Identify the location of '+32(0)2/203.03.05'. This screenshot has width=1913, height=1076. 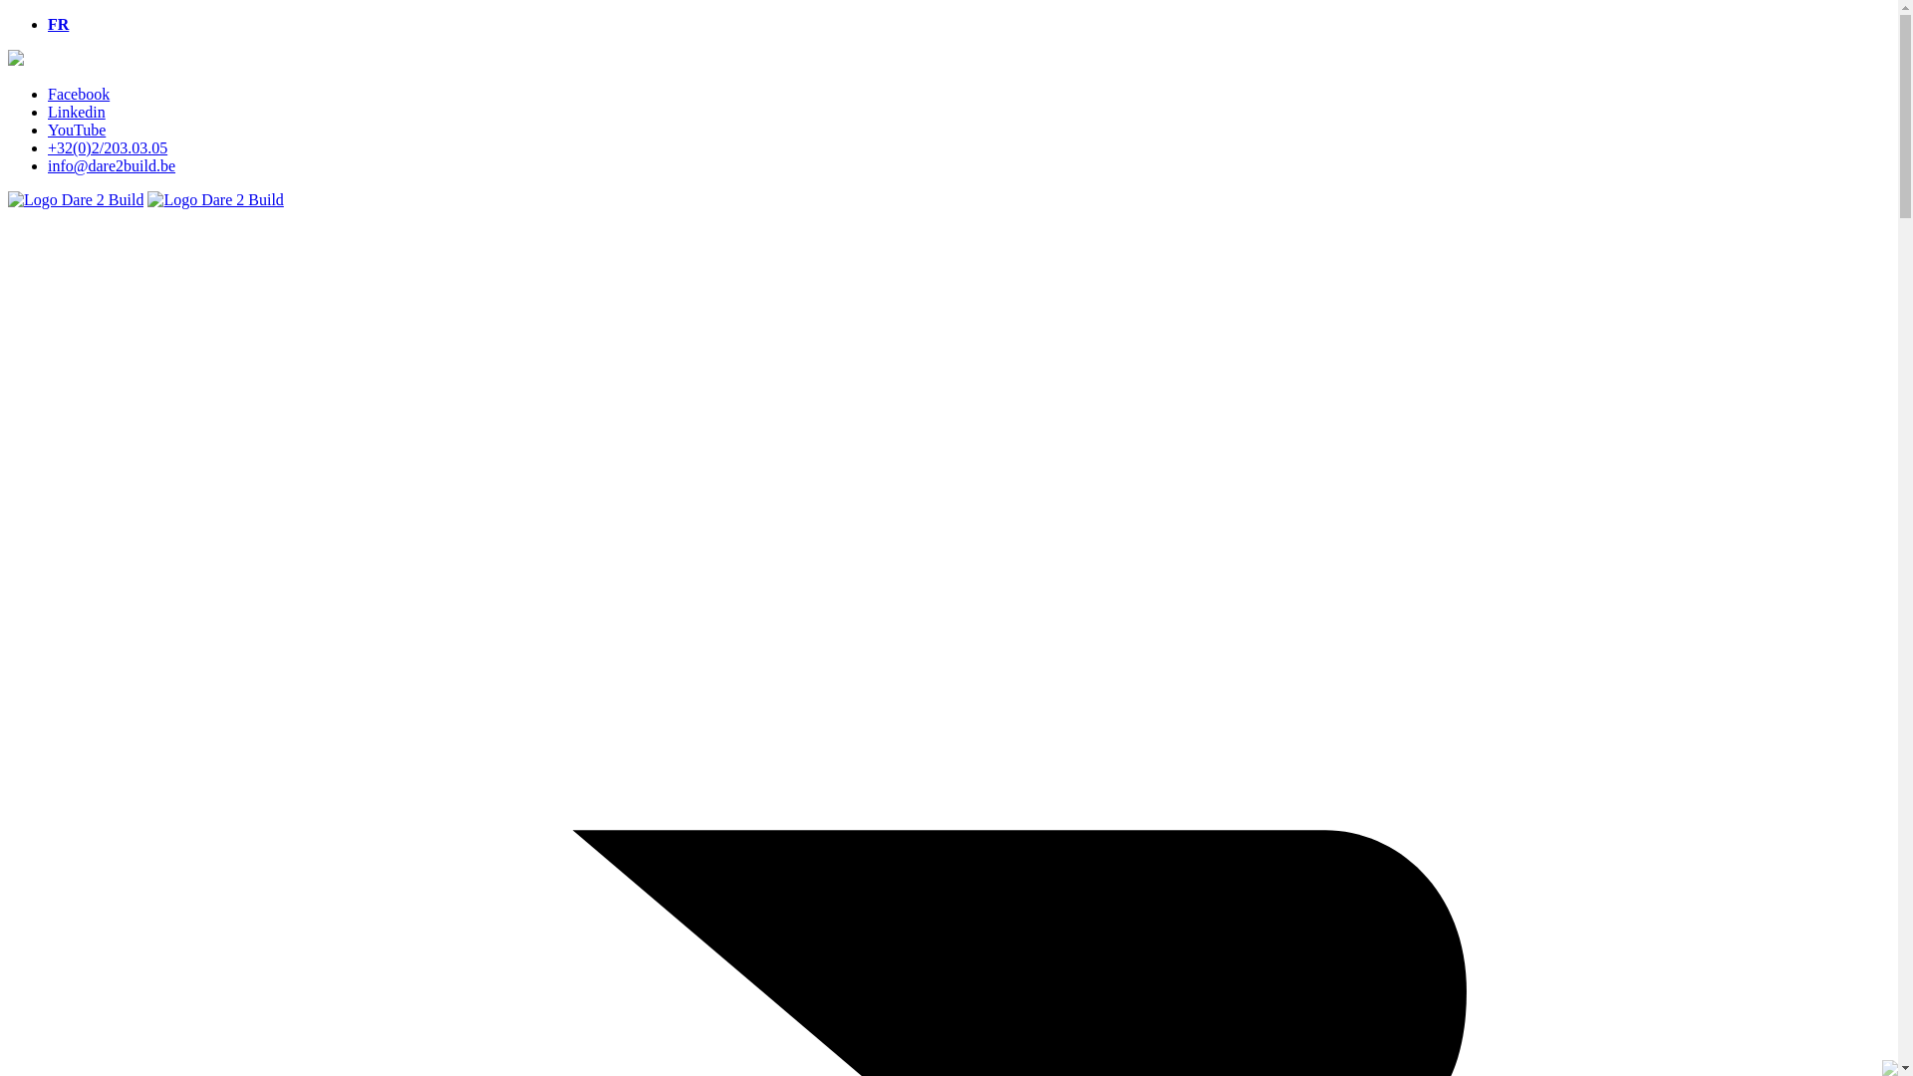
(106, 146).